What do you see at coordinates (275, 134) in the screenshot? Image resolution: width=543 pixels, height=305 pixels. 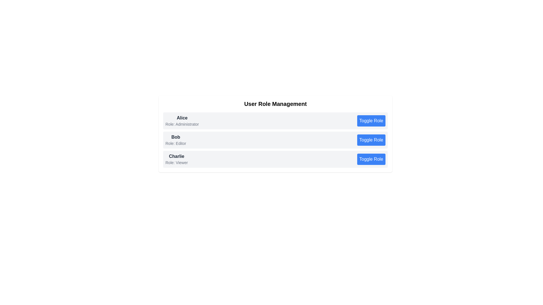 I see `the List item displaying the user 'Bob' and their role 'Editor'` at bounding box center [275, 134].